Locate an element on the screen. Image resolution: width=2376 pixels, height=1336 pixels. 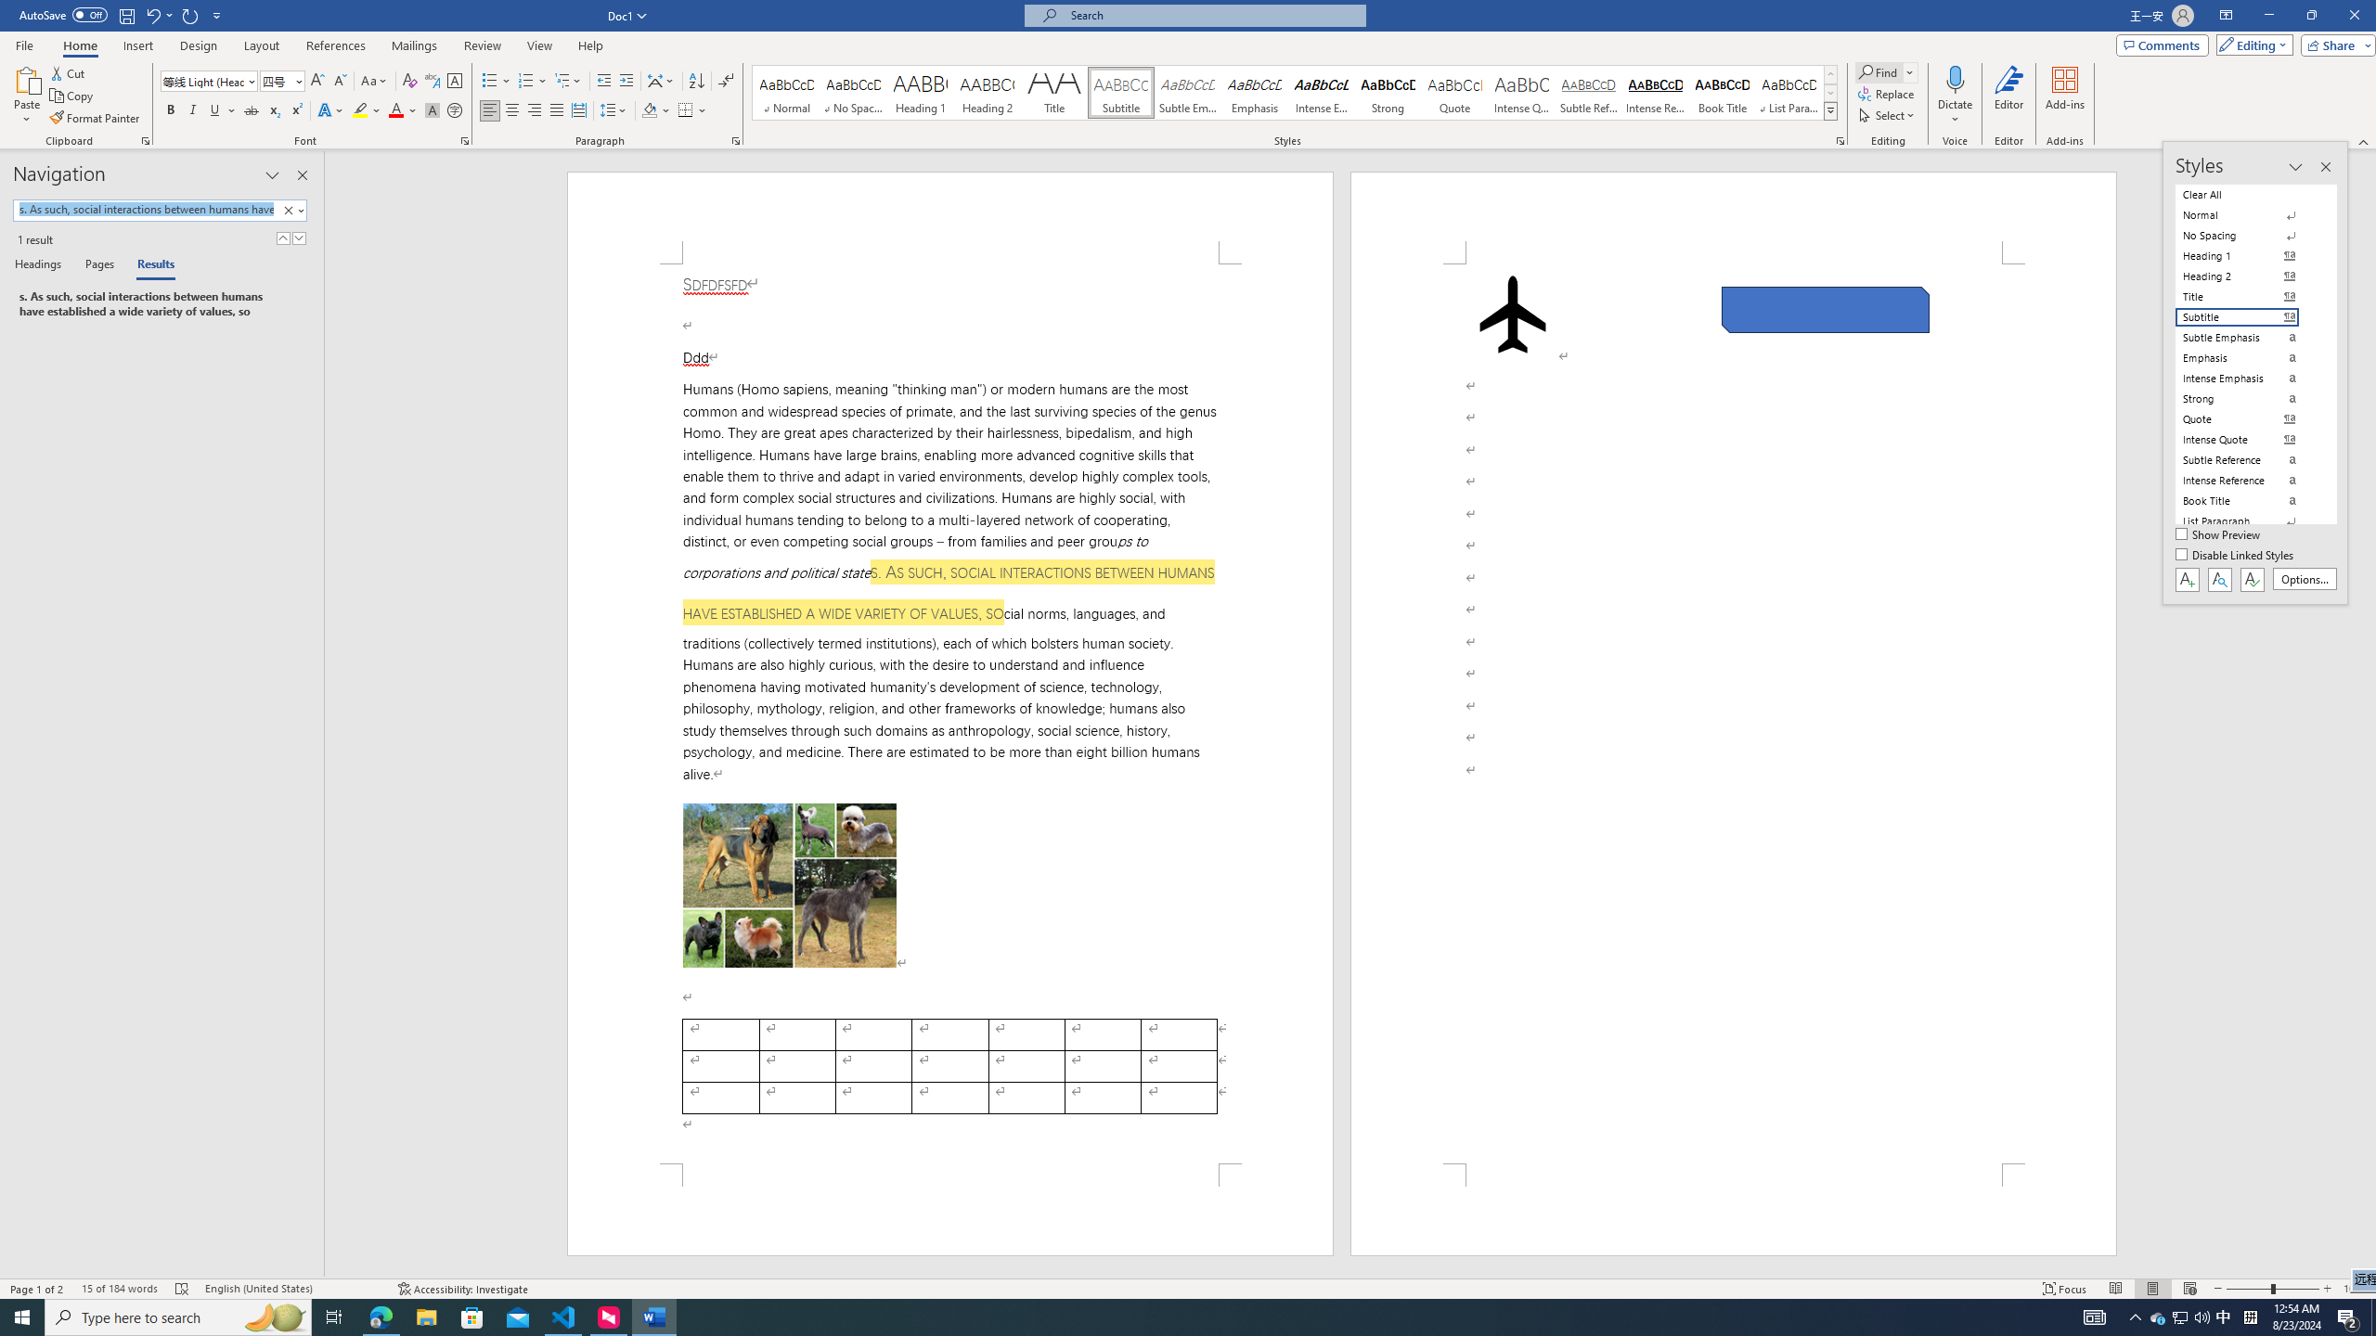
'Heading 2' is located at coordinates (987, 92).